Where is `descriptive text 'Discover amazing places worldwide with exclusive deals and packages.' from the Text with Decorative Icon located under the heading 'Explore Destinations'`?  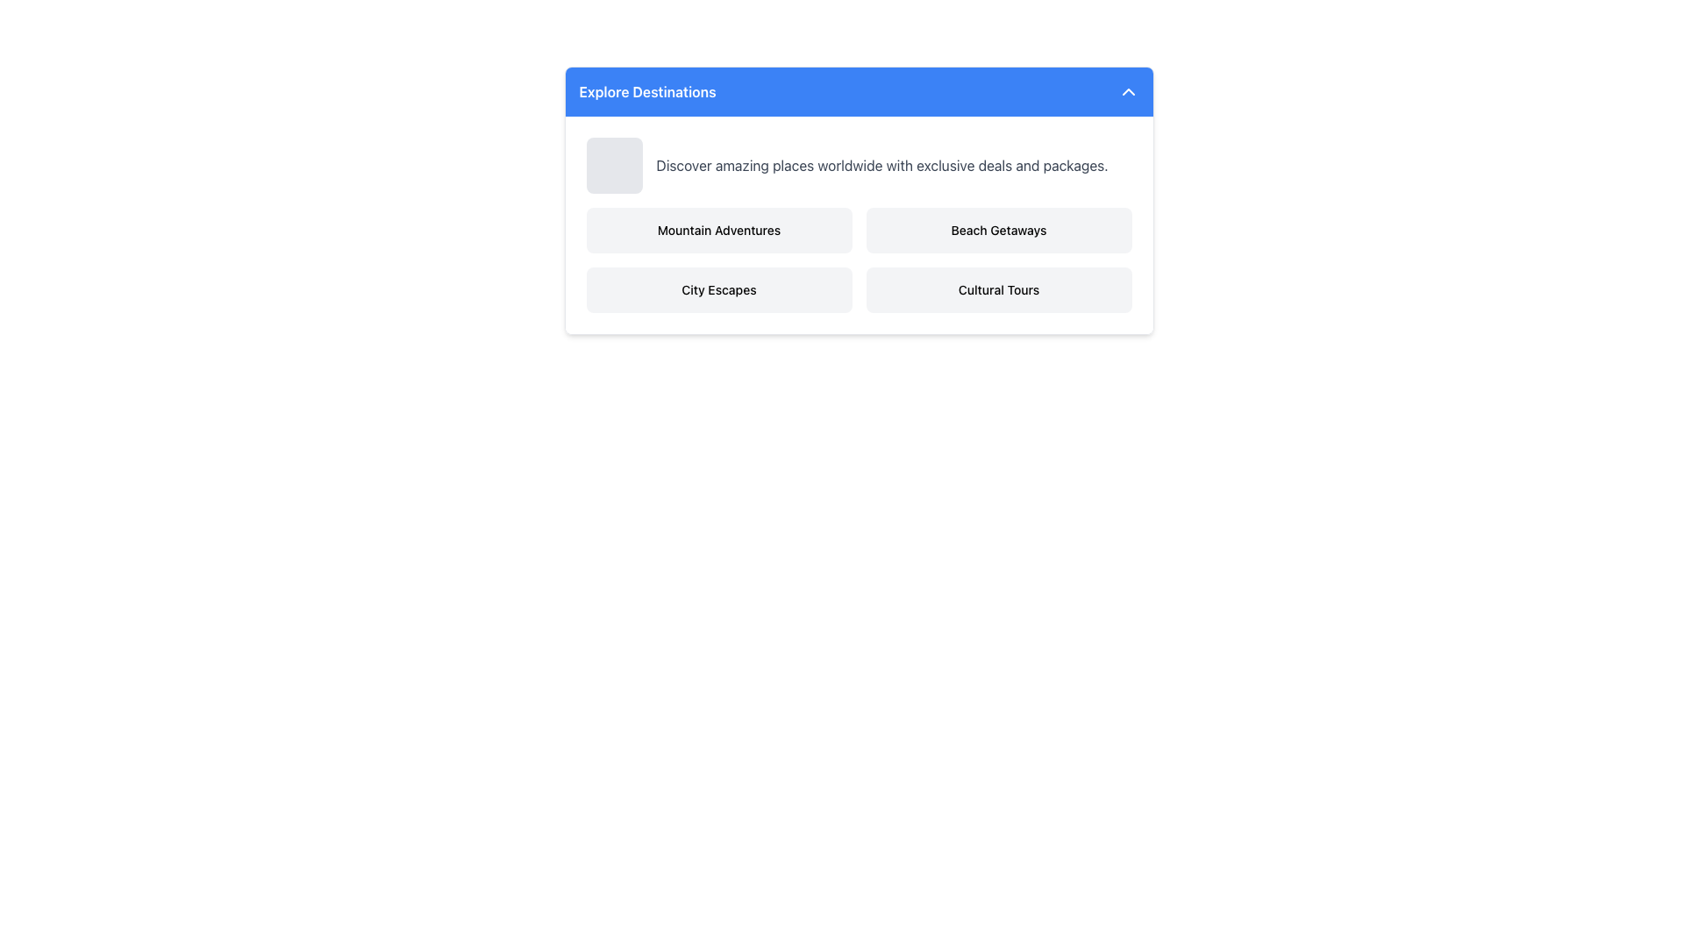
descriptive text 'Discover amazing places worldwide with exclusive deals and packages.' from the Text with Decorative Icon located under the heading 'Explore Destinations' is located at coordinates (859, 166).